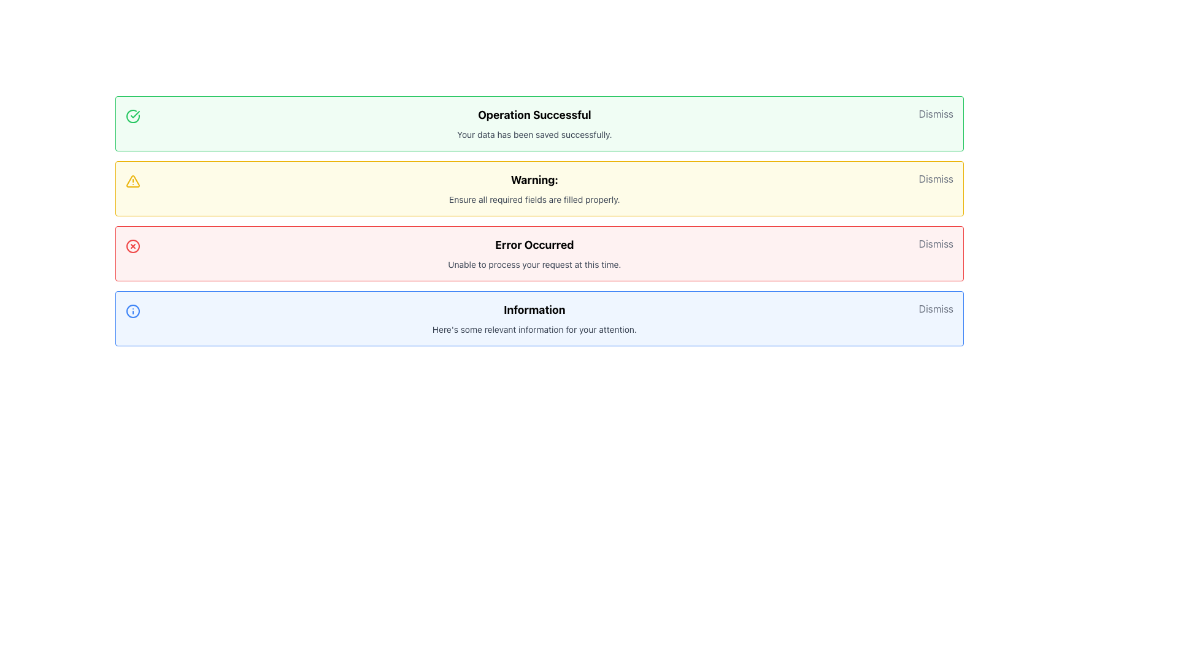 The image size is (1178, 662). I want to click on the 'Dismiss' button located on the far right of the red alert box, so click(935, 243).